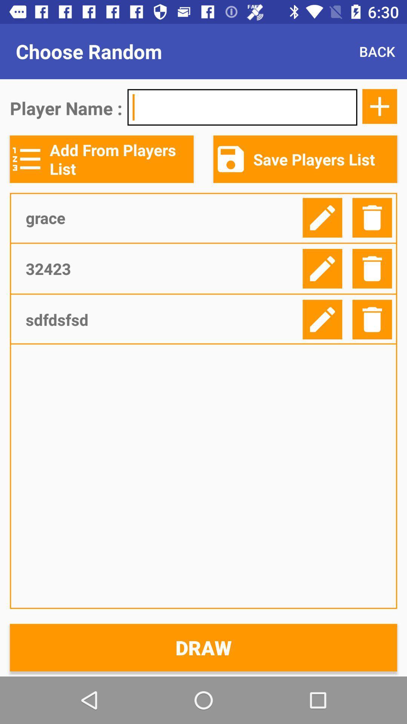  I want to click on delete contact, so click(372, 217).